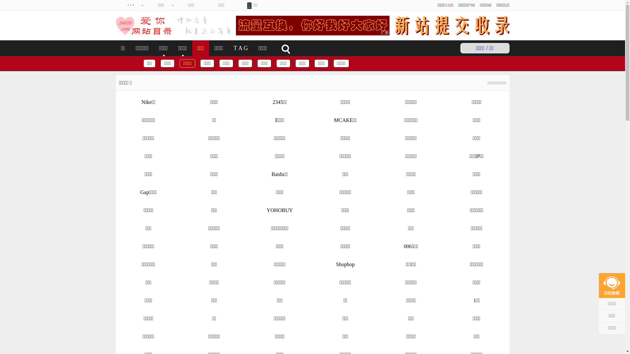  Describe the element at coordinates (345, 264) in the screenshot. I see `'Shopbop'` at that location.